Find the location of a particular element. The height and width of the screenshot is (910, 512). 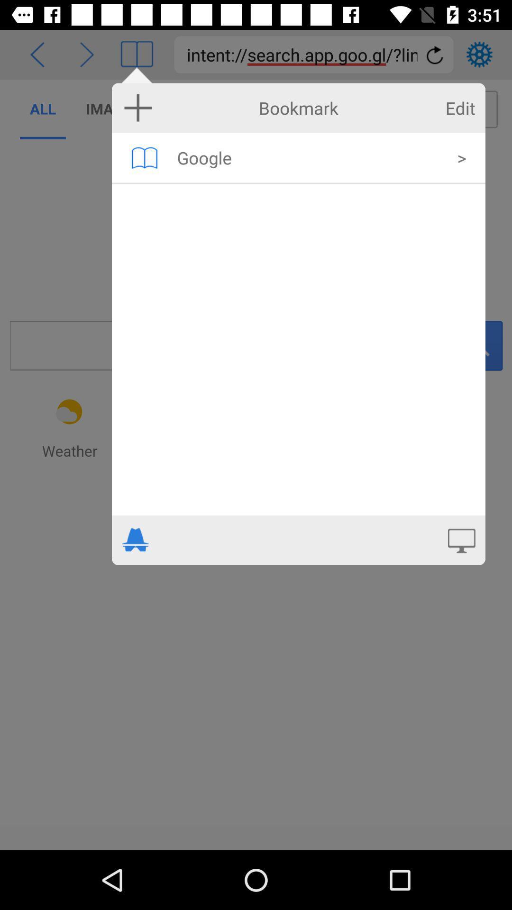

private browsing is located at coordinates (136, 540).